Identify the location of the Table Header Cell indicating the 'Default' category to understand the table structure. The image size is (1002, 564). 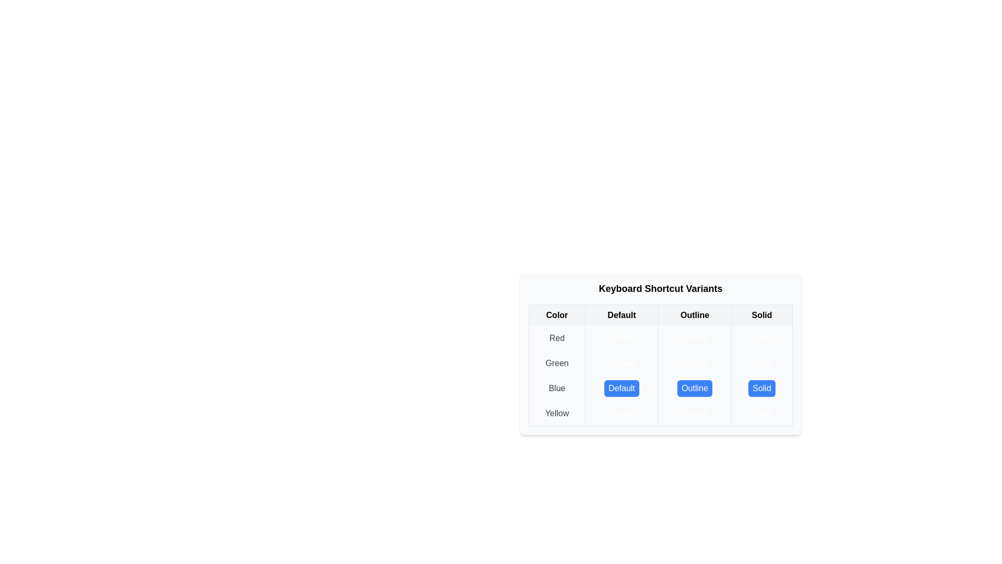
(622, 314).